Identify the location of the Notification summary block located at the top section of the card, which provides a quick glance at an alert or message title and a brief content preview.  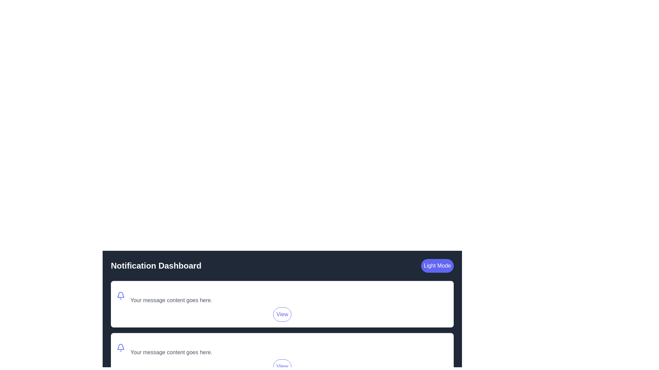
(282, 347).